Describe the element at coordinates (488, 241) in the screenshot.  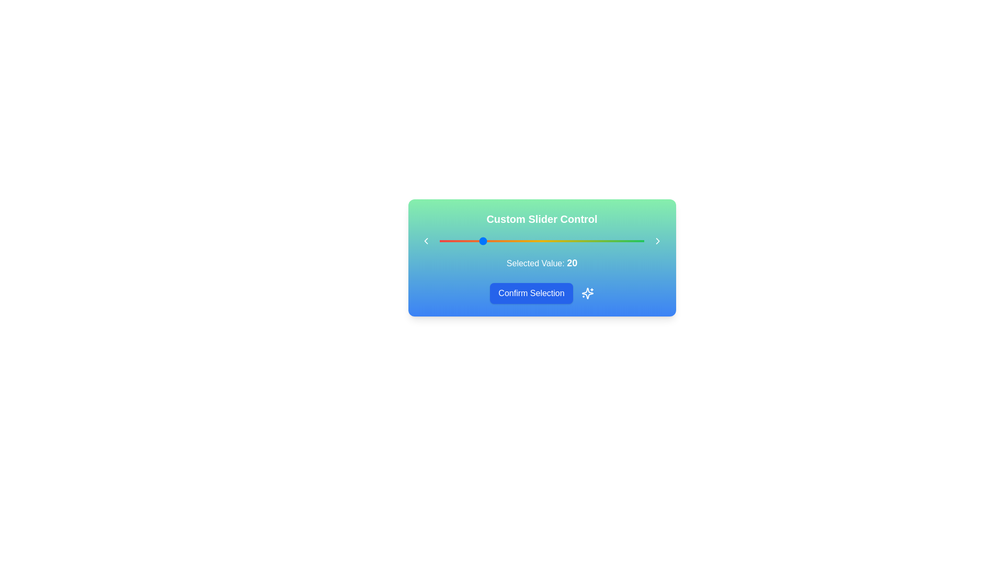
I see `the slider to 24 by dragging the handle` at that location.